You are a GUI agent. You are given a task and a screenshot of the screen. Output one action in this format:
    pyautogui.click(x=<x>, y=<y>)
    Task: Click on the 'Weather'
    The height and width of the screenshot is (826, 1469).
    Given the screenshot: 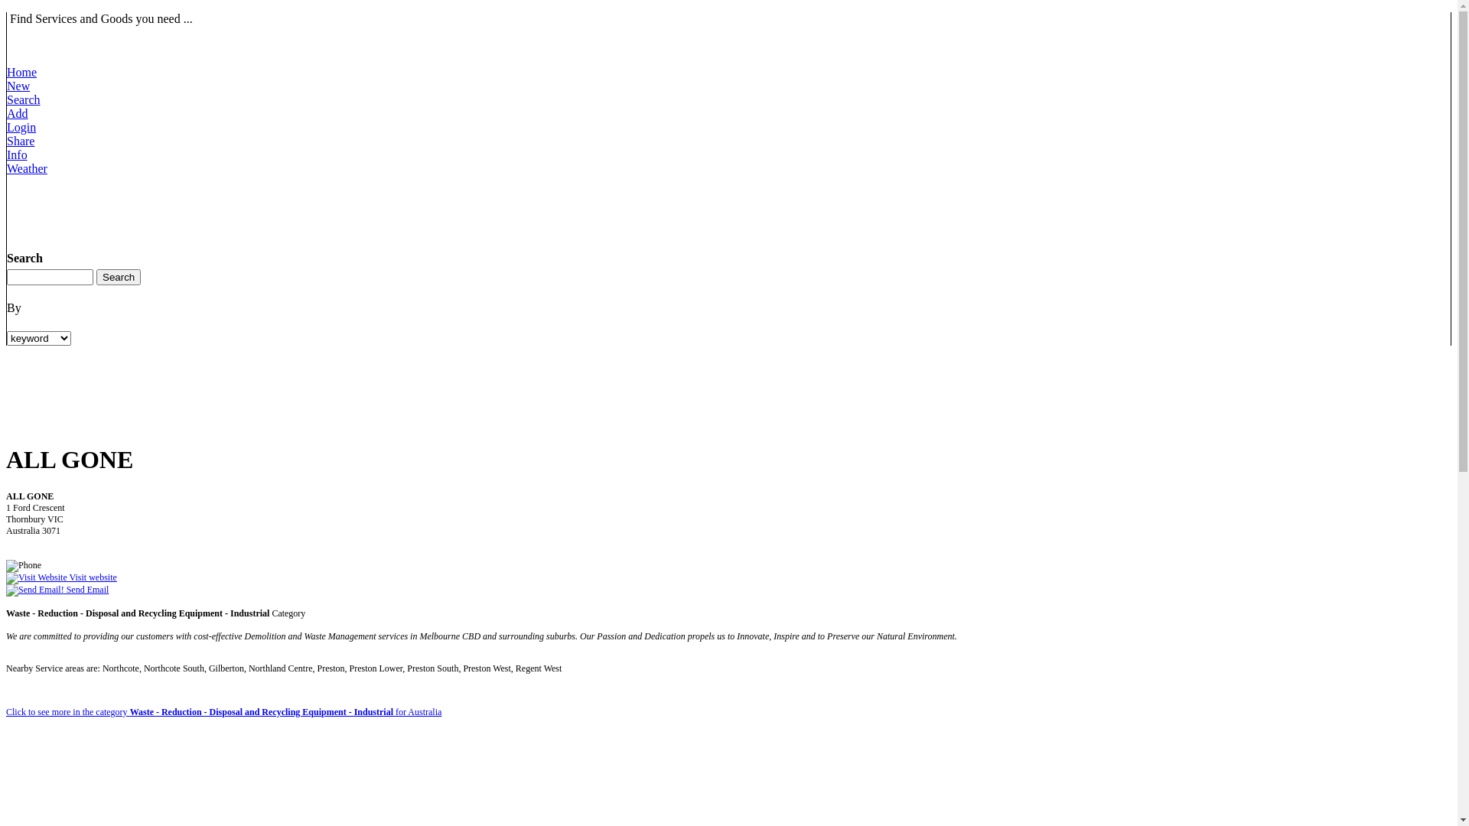 What is the action you would take?
    pyautogui.click(x=27, y=174)
    